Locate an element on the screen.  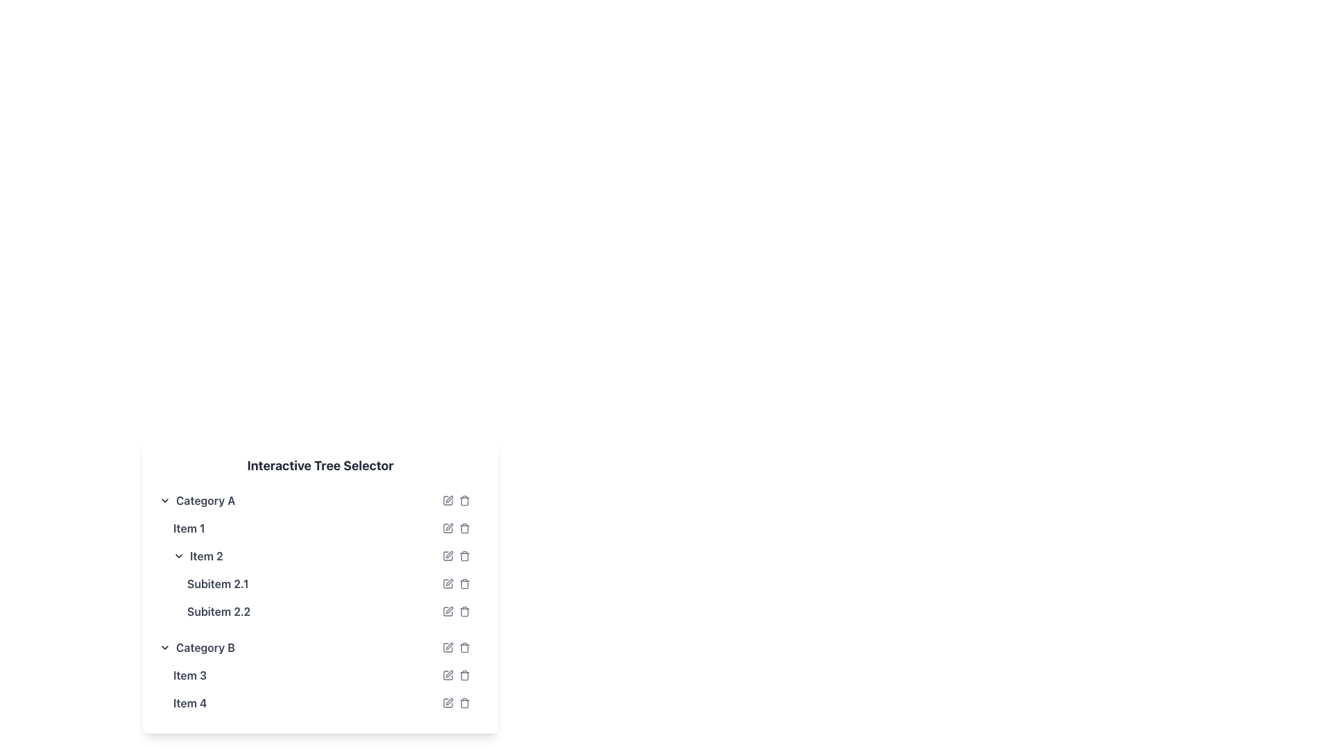
the small square icon resembling a pen next to the label 'Subitem 2.1' to initiate editing is located at coordinates (448, 583).